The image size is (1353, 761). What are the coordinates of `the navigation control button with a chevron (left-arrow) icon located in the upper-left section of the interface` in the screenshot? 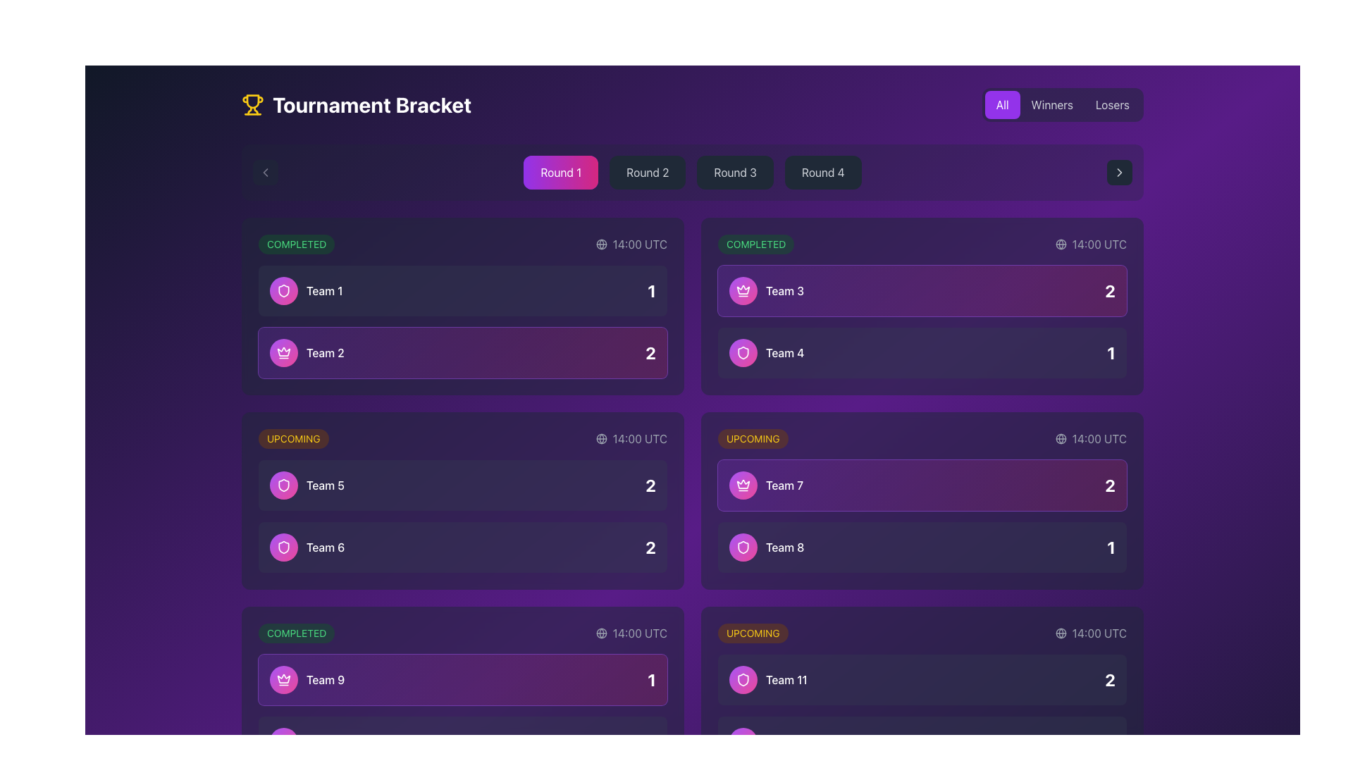 It's located at (266, 172).